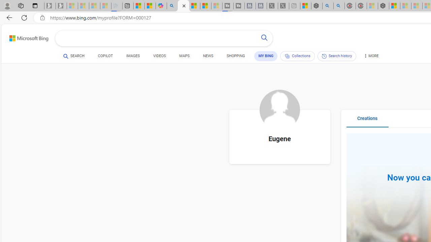  Describe the element at coordinates (370, 56) in the screenshot. I see `'Dropdown Menu'` at that location.